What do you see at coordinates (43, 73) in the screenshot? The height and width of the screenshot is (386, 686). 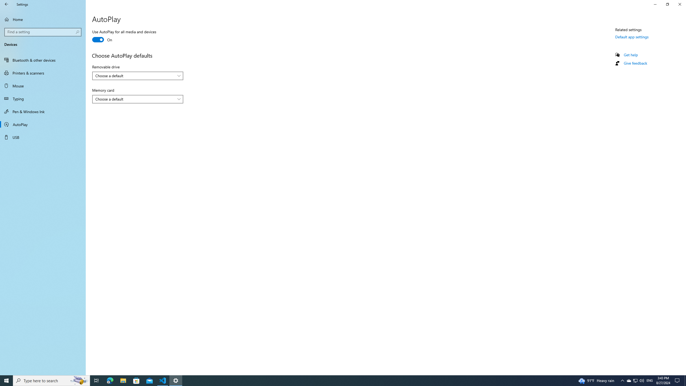 I see `'Printers & scanners'` at bounding box center [43, 73].